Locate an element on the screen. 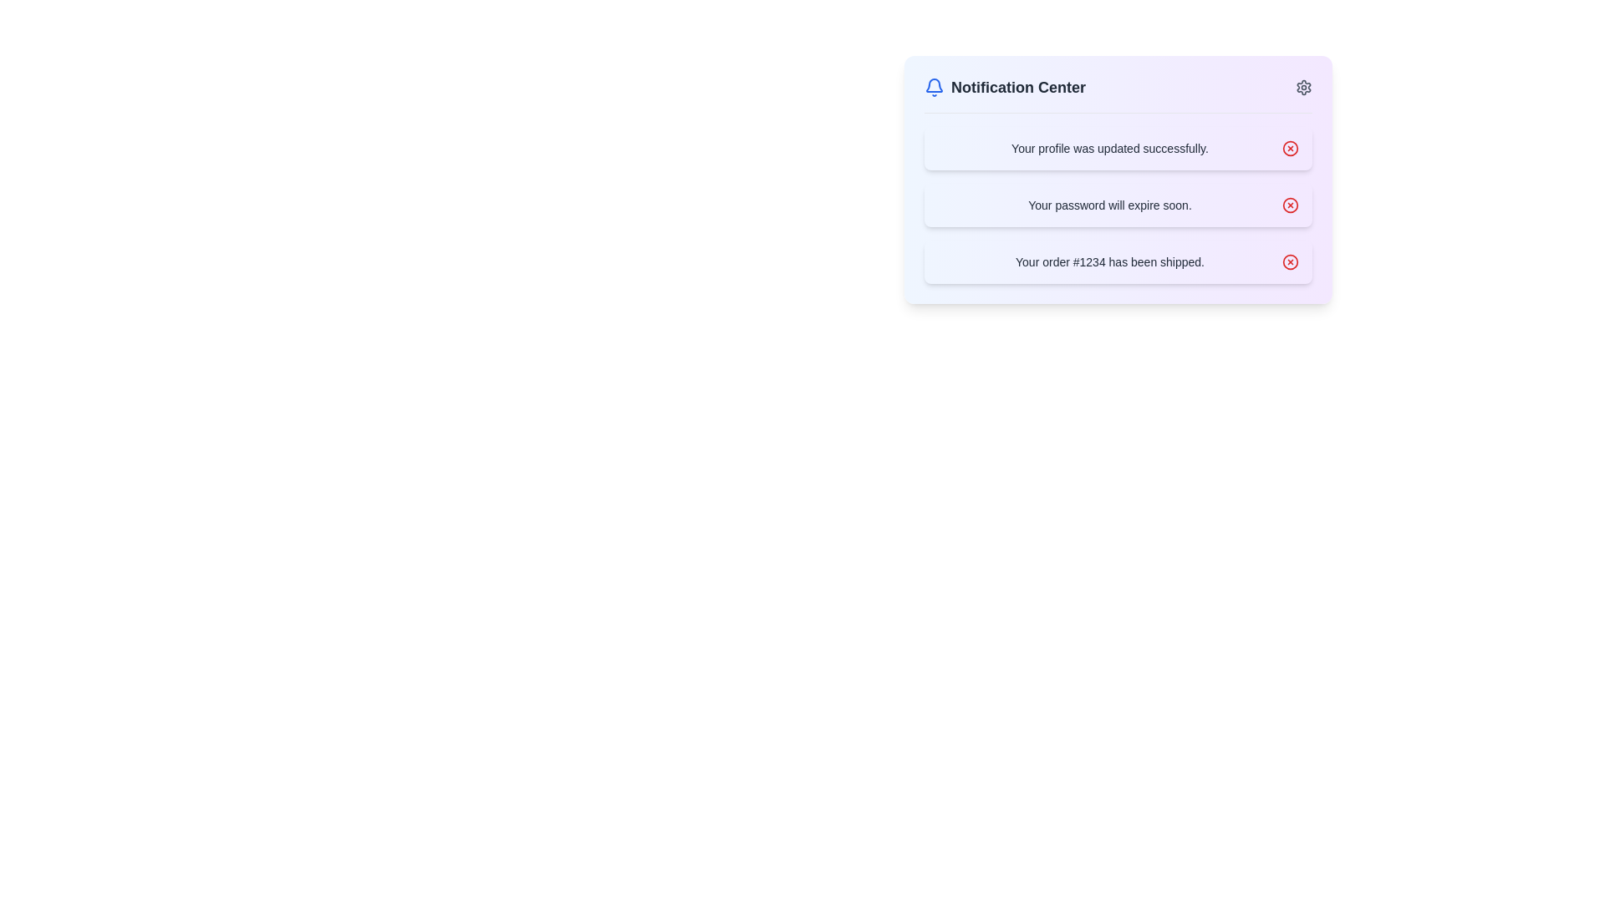 This screenshot has height=902, width=1605. the Text label that serves as the title for the notification interface, providing context for notifications is located at coordinates (1017, 87).